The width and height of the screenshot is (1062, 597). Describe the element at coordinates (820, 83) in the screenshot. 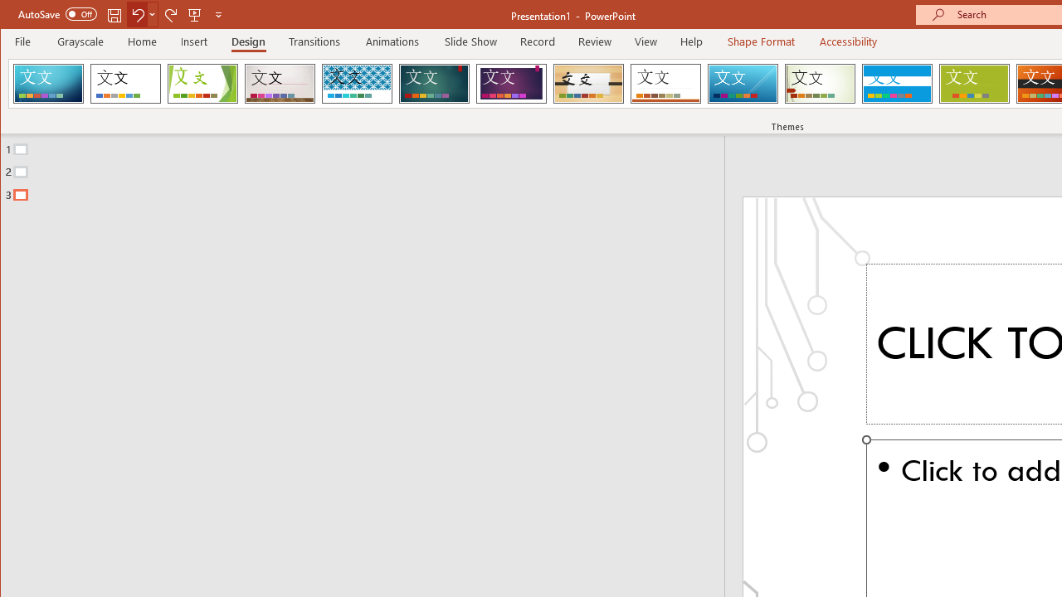

I see `'Wisp'` at that location.